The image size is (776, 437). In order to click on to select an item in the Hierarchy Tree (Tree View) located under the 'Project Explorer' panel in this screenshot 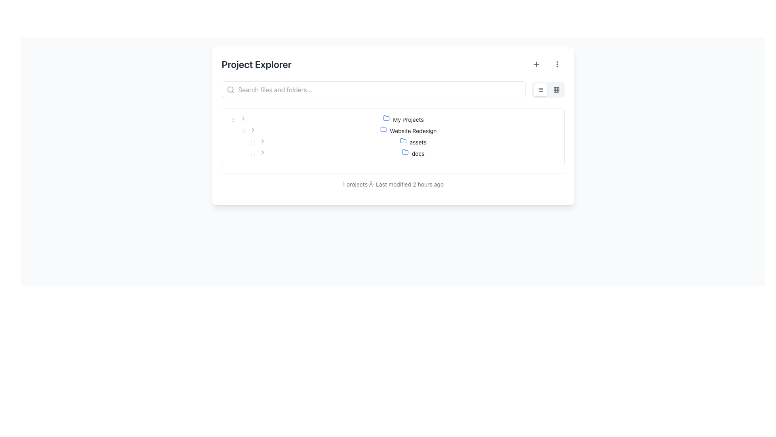, I will do `click(393, 137)`.